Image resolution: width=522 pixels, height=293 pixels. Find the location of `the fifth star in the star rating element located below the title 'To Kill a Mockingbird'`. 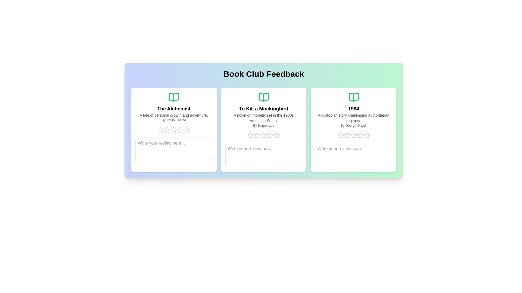

the fifth star in the star rating element located below the title 'To Kill a Mockingbird' is located at coordinates (270, 135).